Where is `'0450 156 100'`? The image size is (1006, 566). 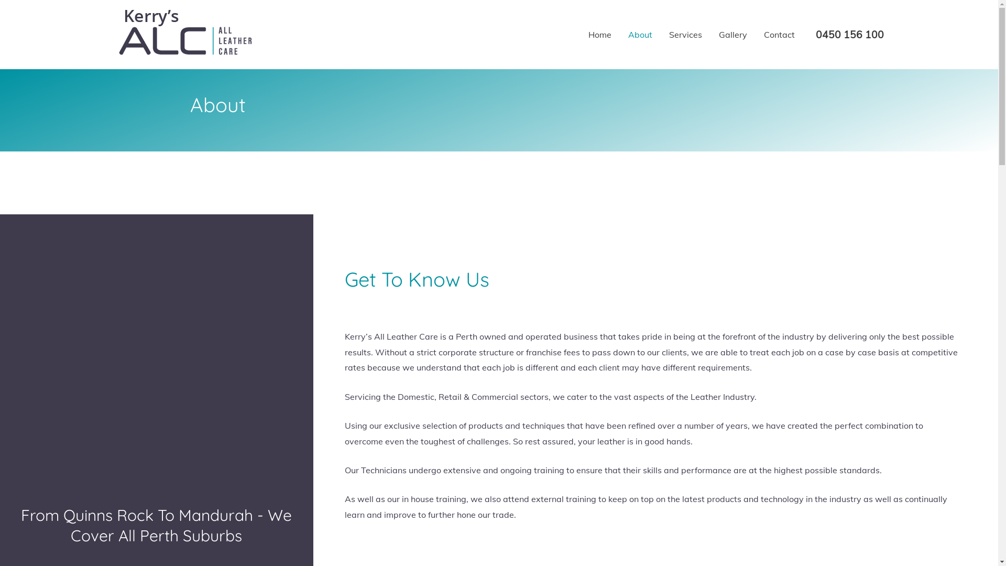 '0450 156 100' is located at coordinates (849, 34).